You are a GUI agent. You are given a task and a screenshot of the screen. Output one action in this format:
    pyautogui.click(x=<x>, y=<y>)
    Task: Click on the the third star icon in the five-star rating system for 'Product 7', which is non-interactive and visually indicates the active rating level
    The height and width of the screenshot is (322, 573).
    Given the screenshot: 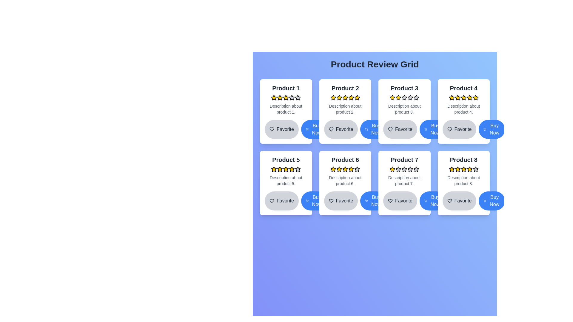 What is the action you would take?
    pyautogui.click(x=398, y=169)
    